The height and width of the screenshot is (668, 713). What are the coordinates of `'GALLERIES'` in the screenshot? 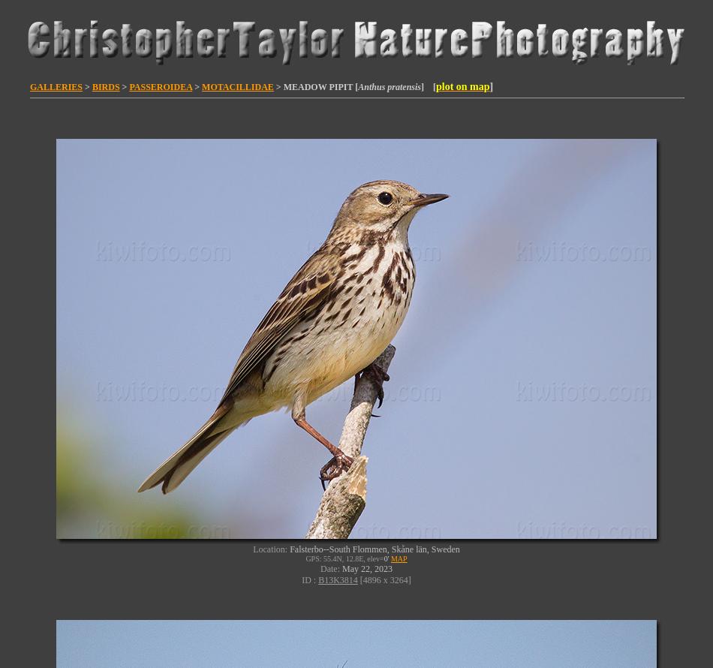 It's located at (56, 86).